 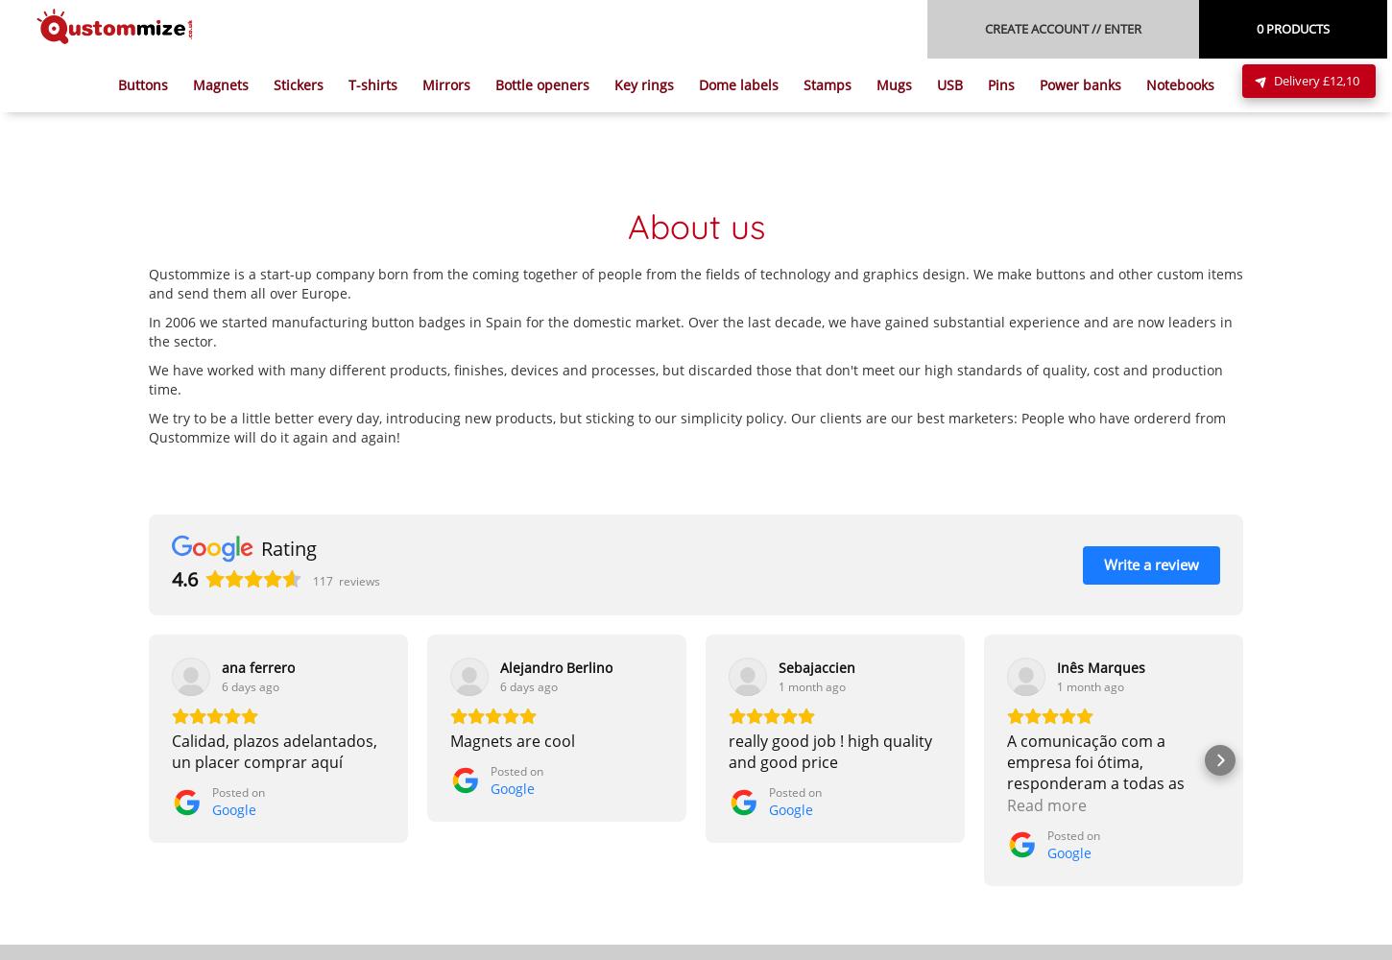 What do you see at coordinates (829, 751) in the screenshot?
I see `'really good job ! high quality and good price'` at bounding box center [829, 751].